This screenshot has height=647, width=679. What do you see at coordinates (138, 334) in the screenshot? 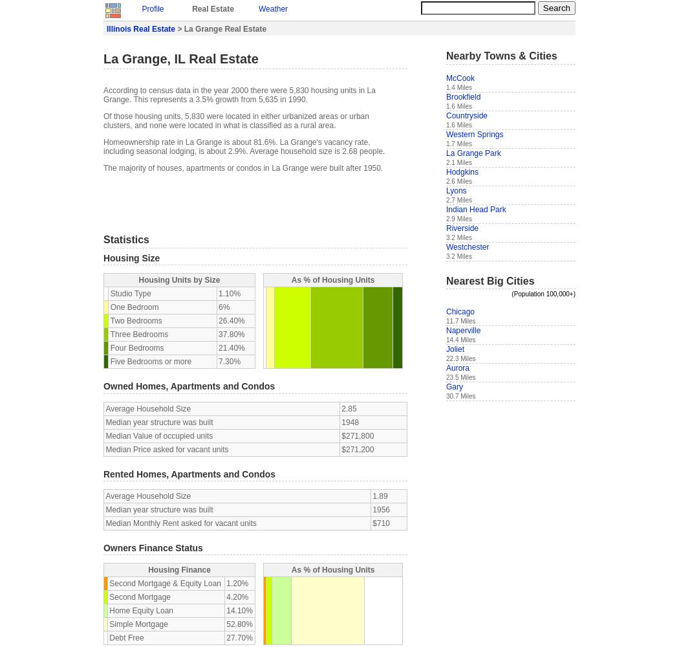
I see `'Three Bedrooms'` at bounding box center [138, 334].